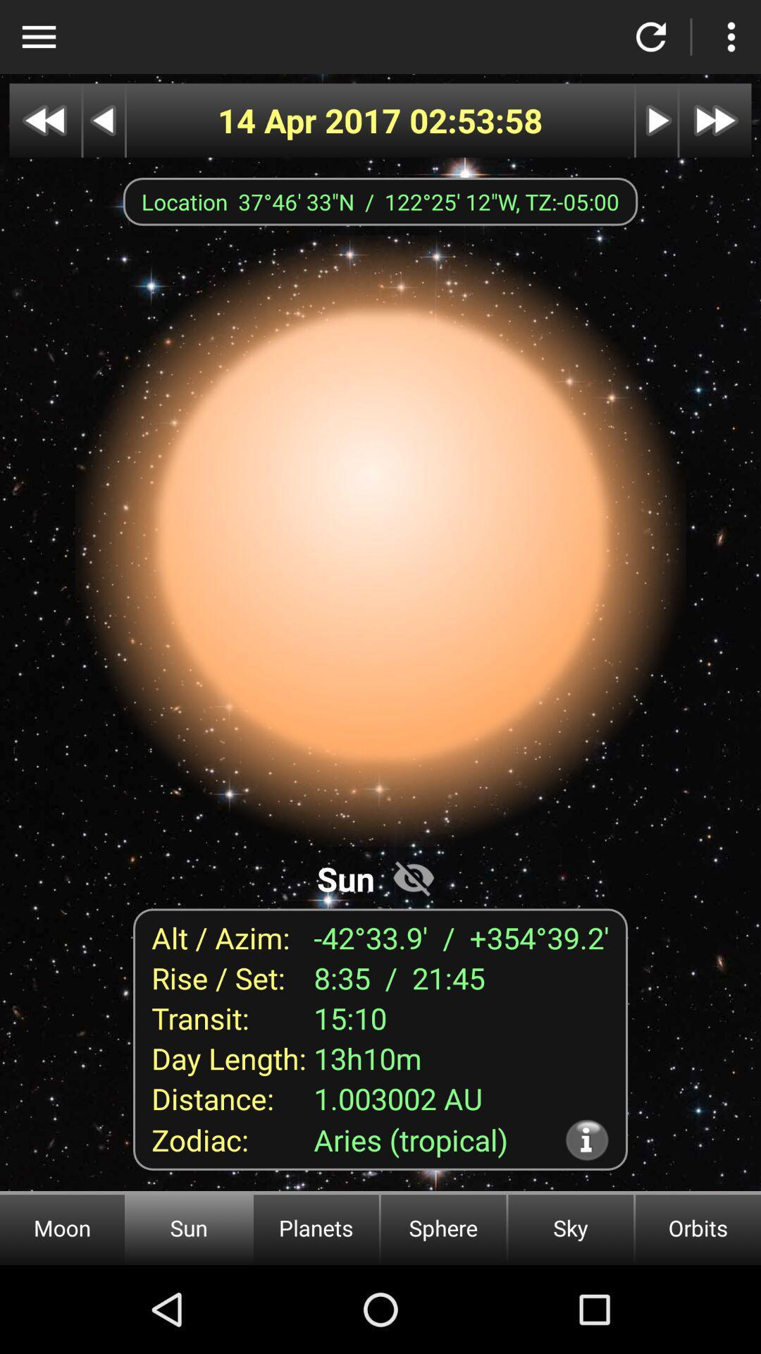  Describe the element at coordinates (38, 37) in the screenshot. I see `search options` at that location.